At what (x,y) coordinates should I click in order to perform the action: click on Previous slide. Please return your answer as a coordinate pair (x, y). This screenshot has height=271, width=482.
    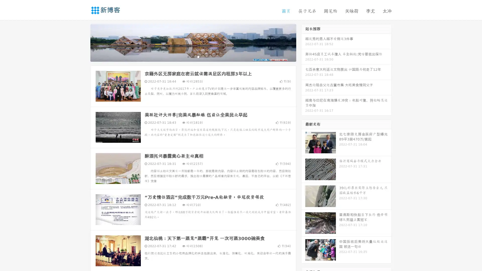
    Looking at the image, I should click on (83, 42).